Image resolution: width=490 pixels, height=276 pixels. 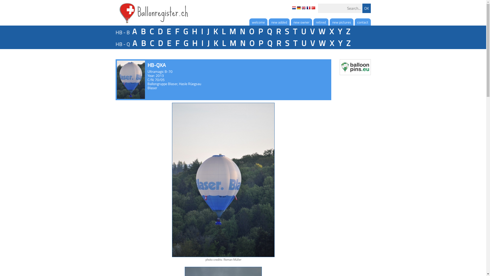 What do you see at coordinates (168, 31) in the screenshot?
I see `'E'` at bounding box center [168, 31].